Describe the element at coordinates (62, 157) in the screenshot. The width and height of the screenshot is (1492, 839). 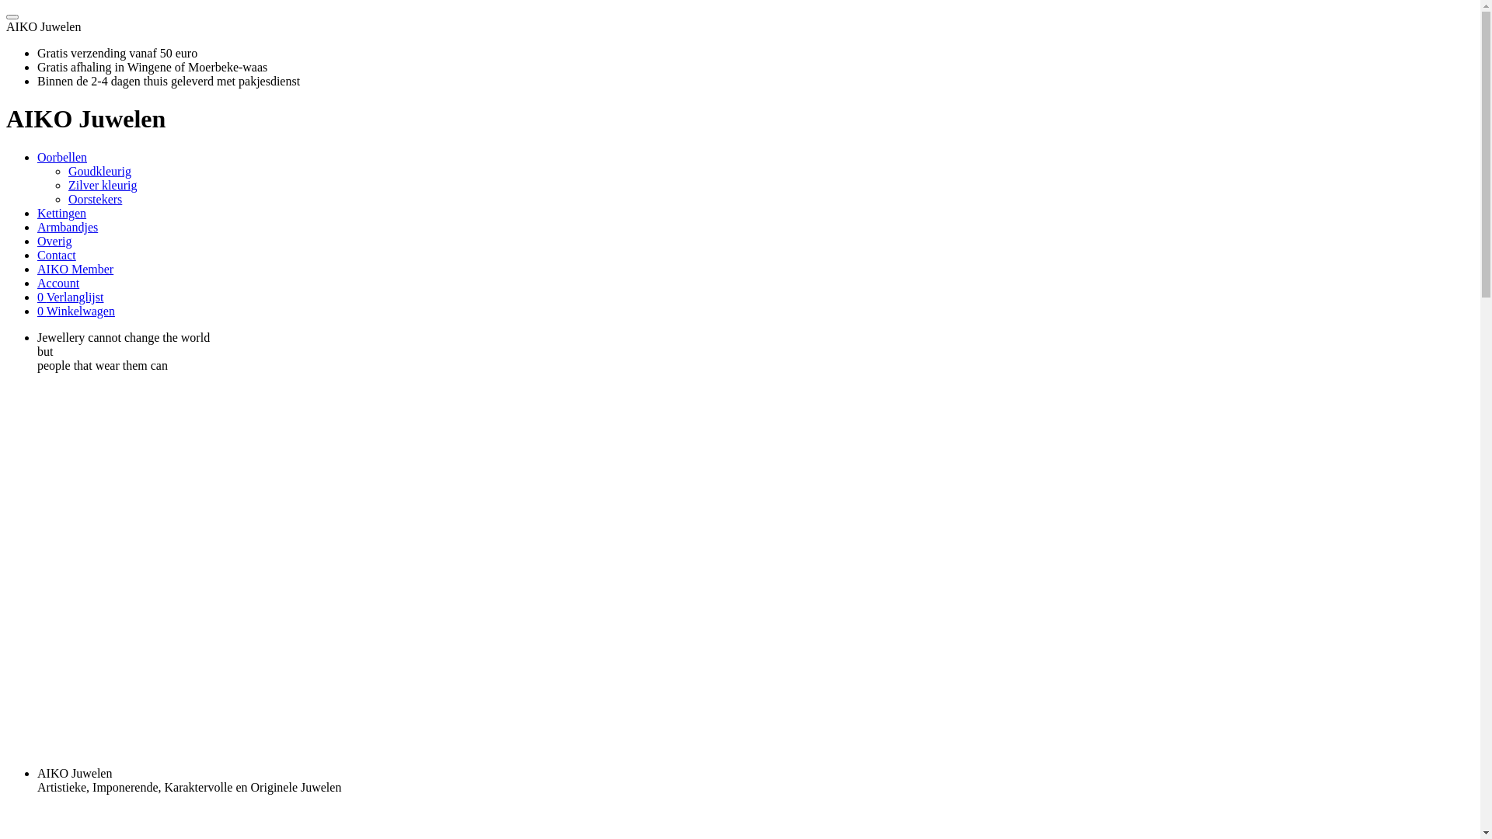
I see `'Oorbellen'` at that location.